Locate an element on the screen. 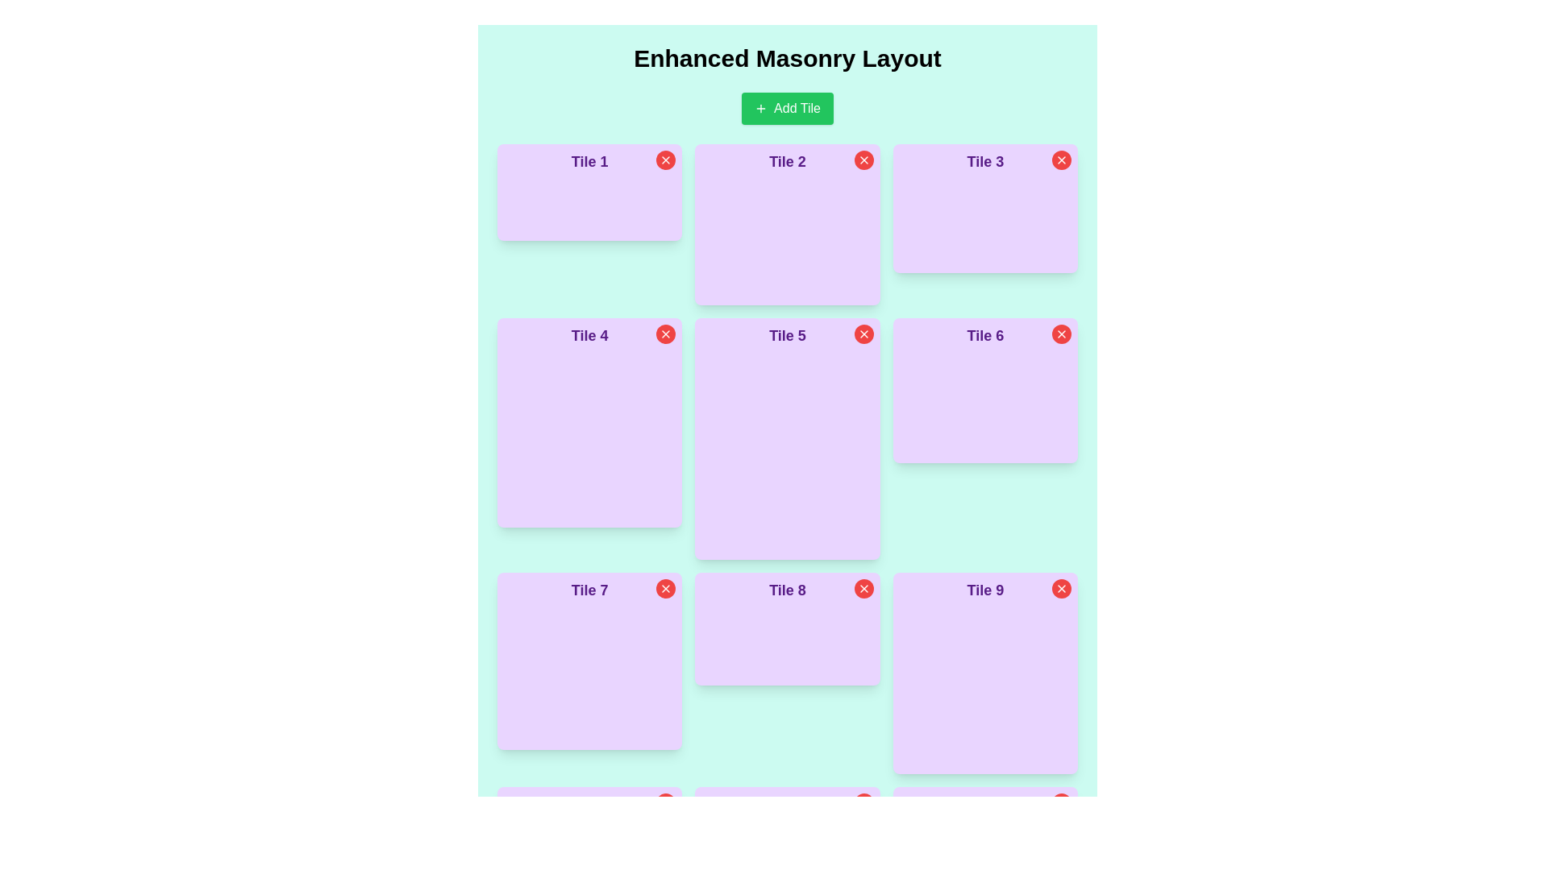  the display tile labeled 'Tile 2' which includes a close button in the top-right corner, located in the second column of the first row of the grid layout is located at coordinates (787, 224).